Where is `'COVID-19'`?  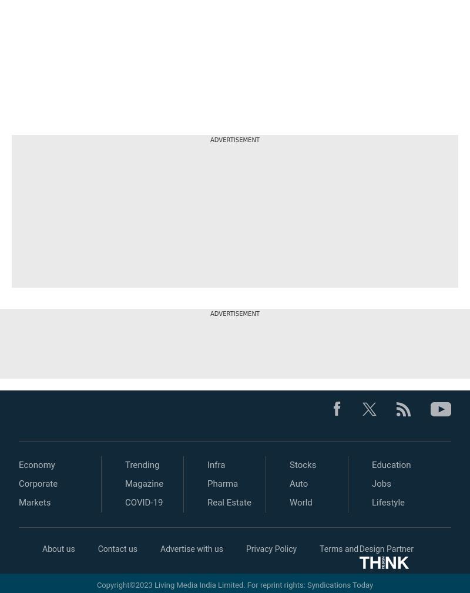
'COVID-19' is located at coordinates (143, 502).